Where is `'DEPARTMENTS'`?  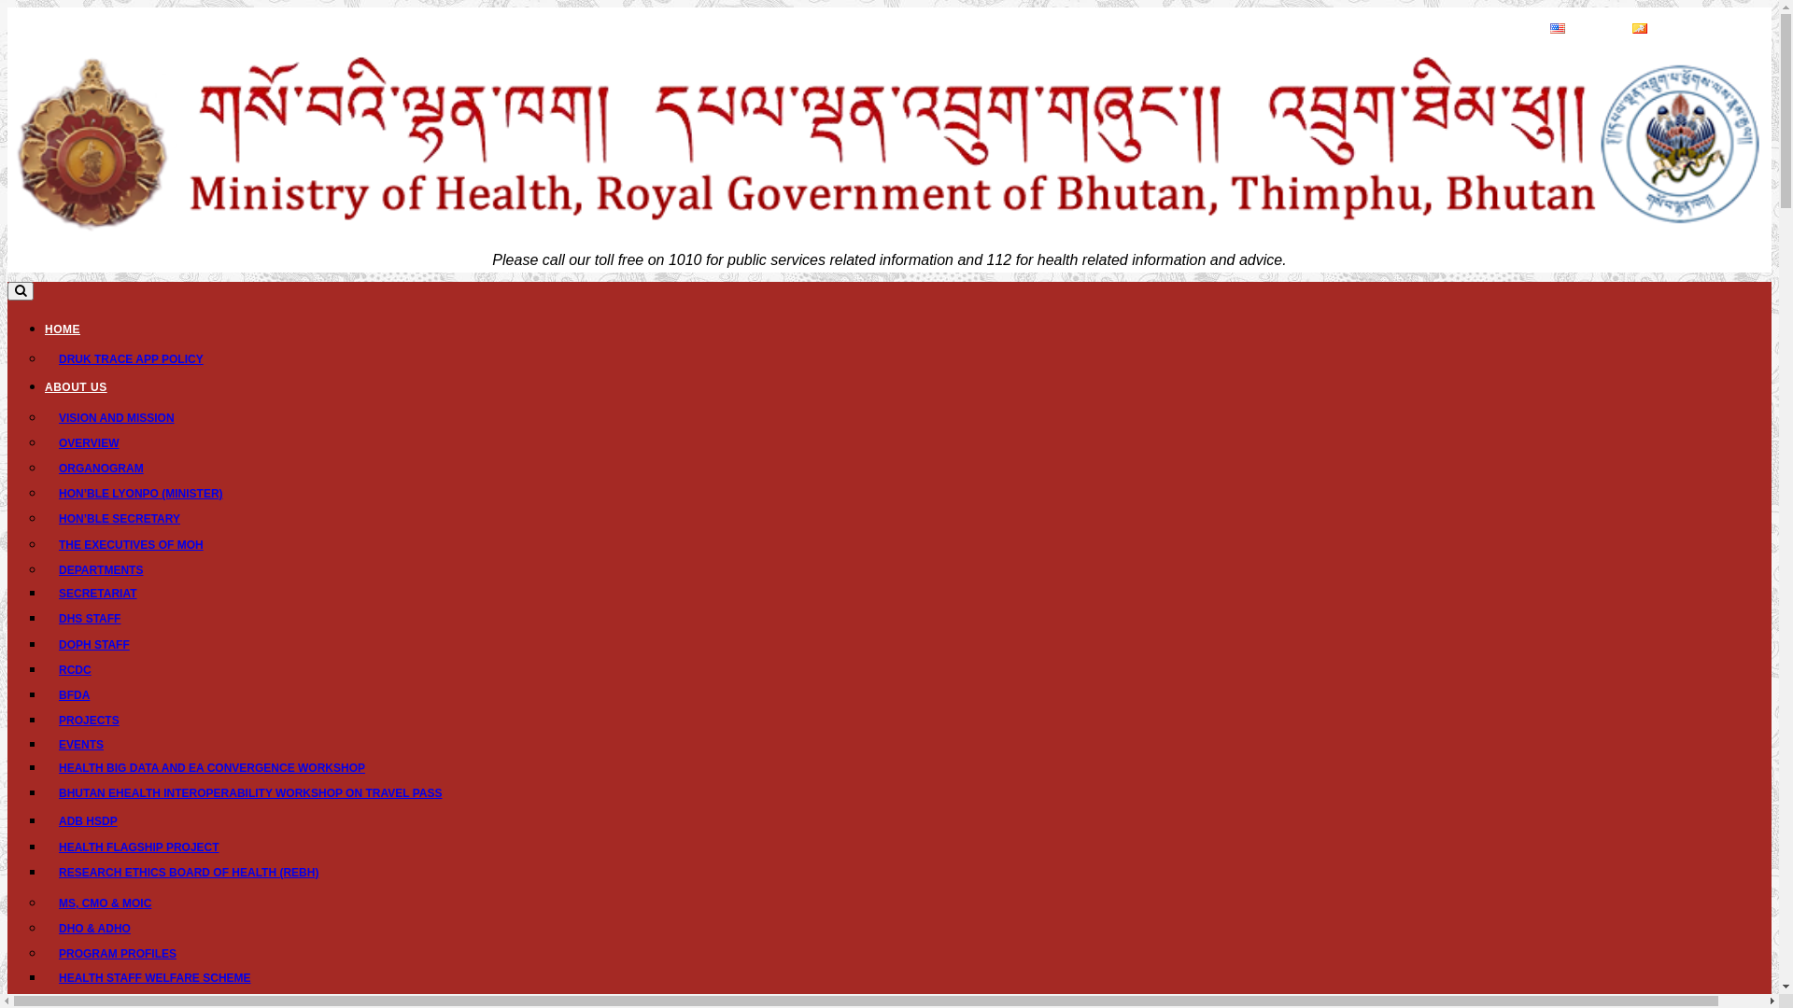
'DEPARTMENTS' is located at coordinates (45, 568).